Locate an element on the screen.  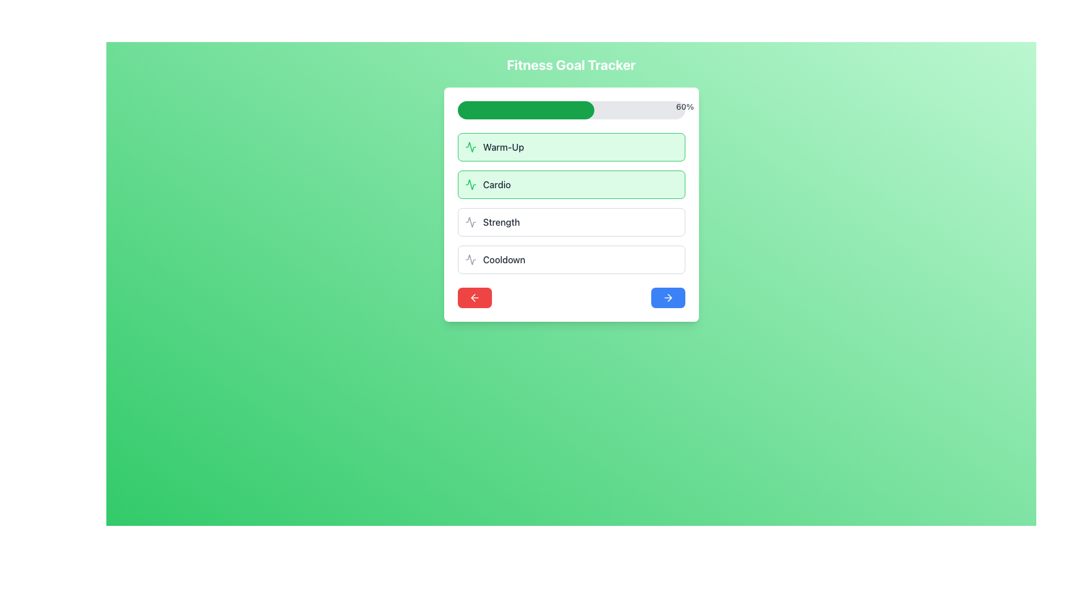
the arrow icon located at the bottom-right of the interface card is located at coordinates (668, 297).